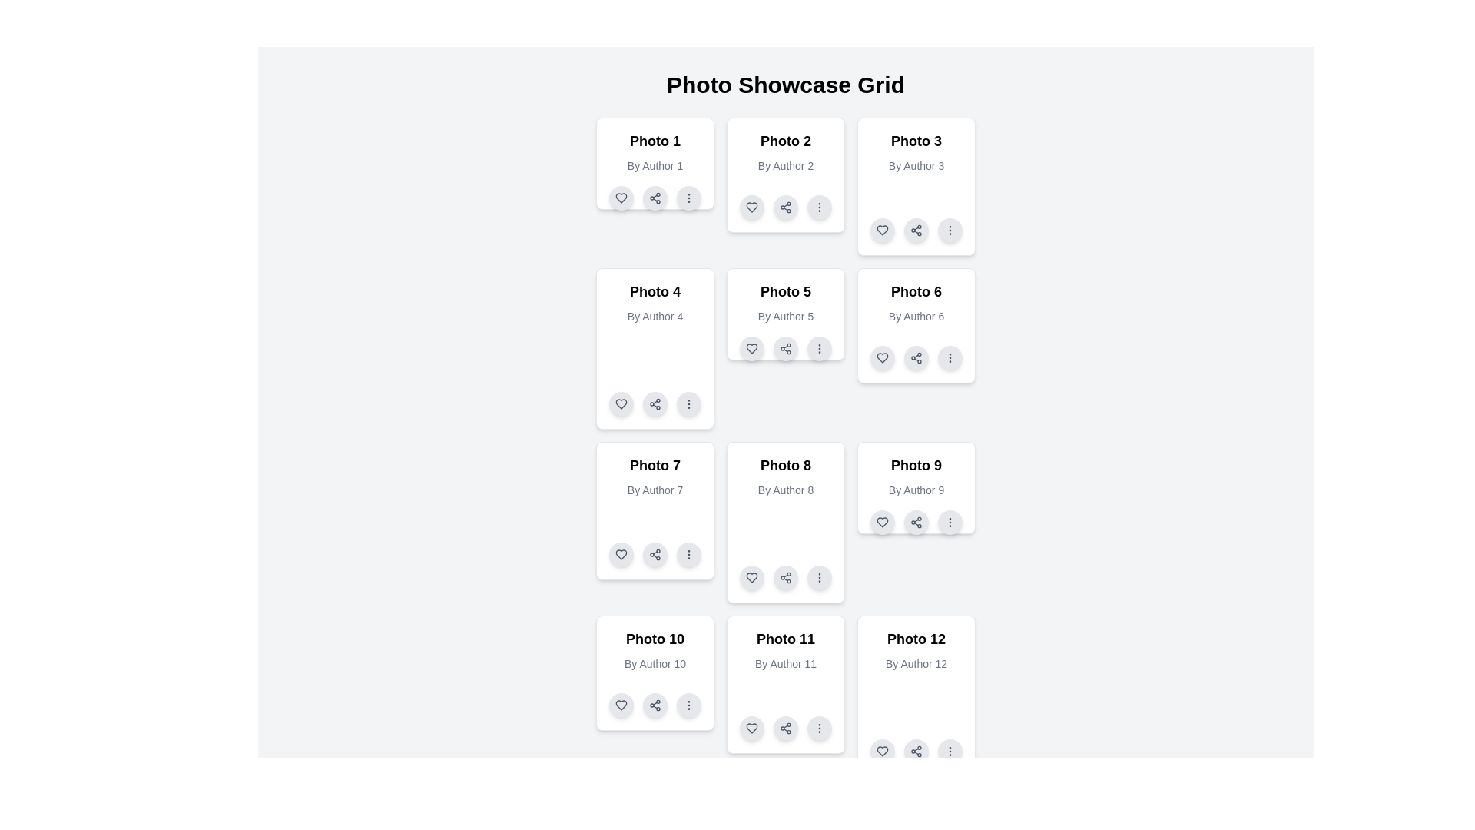 The width and height of the screenshot is (1475, 830). What do you see at coordinates (916, 186) in the screenshot?
I see `the photo entry card located in the third column of the first row, which displays the title and author information, and includes action icons for interactions` at bounding box center [916, 186].